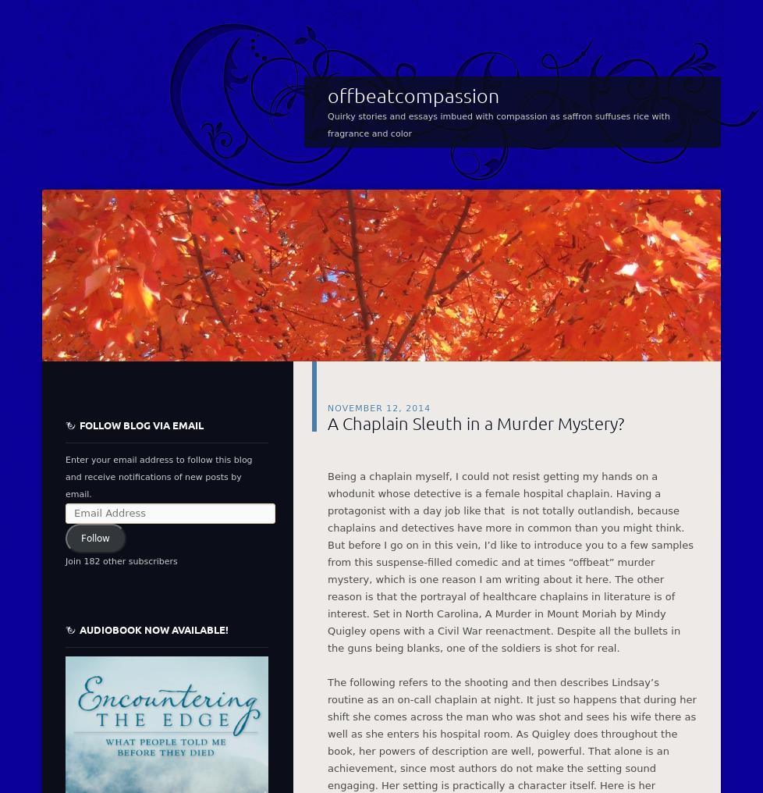 The height and width of the screenshot is (793, 763). What do you see at coordinates (378, 407) in the screenshot?
I see `'November 12, 2014'` at bounding box center [378, 407].